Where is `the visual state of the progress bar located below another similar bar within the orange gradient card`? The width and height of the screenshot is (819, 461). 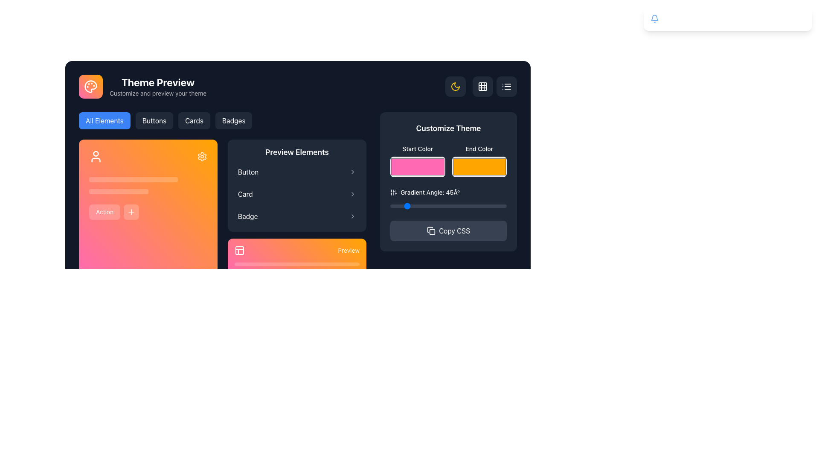
the visual state of the progress bar located below another similar bar within the orange gradient card is located at coordinates (281, 271).